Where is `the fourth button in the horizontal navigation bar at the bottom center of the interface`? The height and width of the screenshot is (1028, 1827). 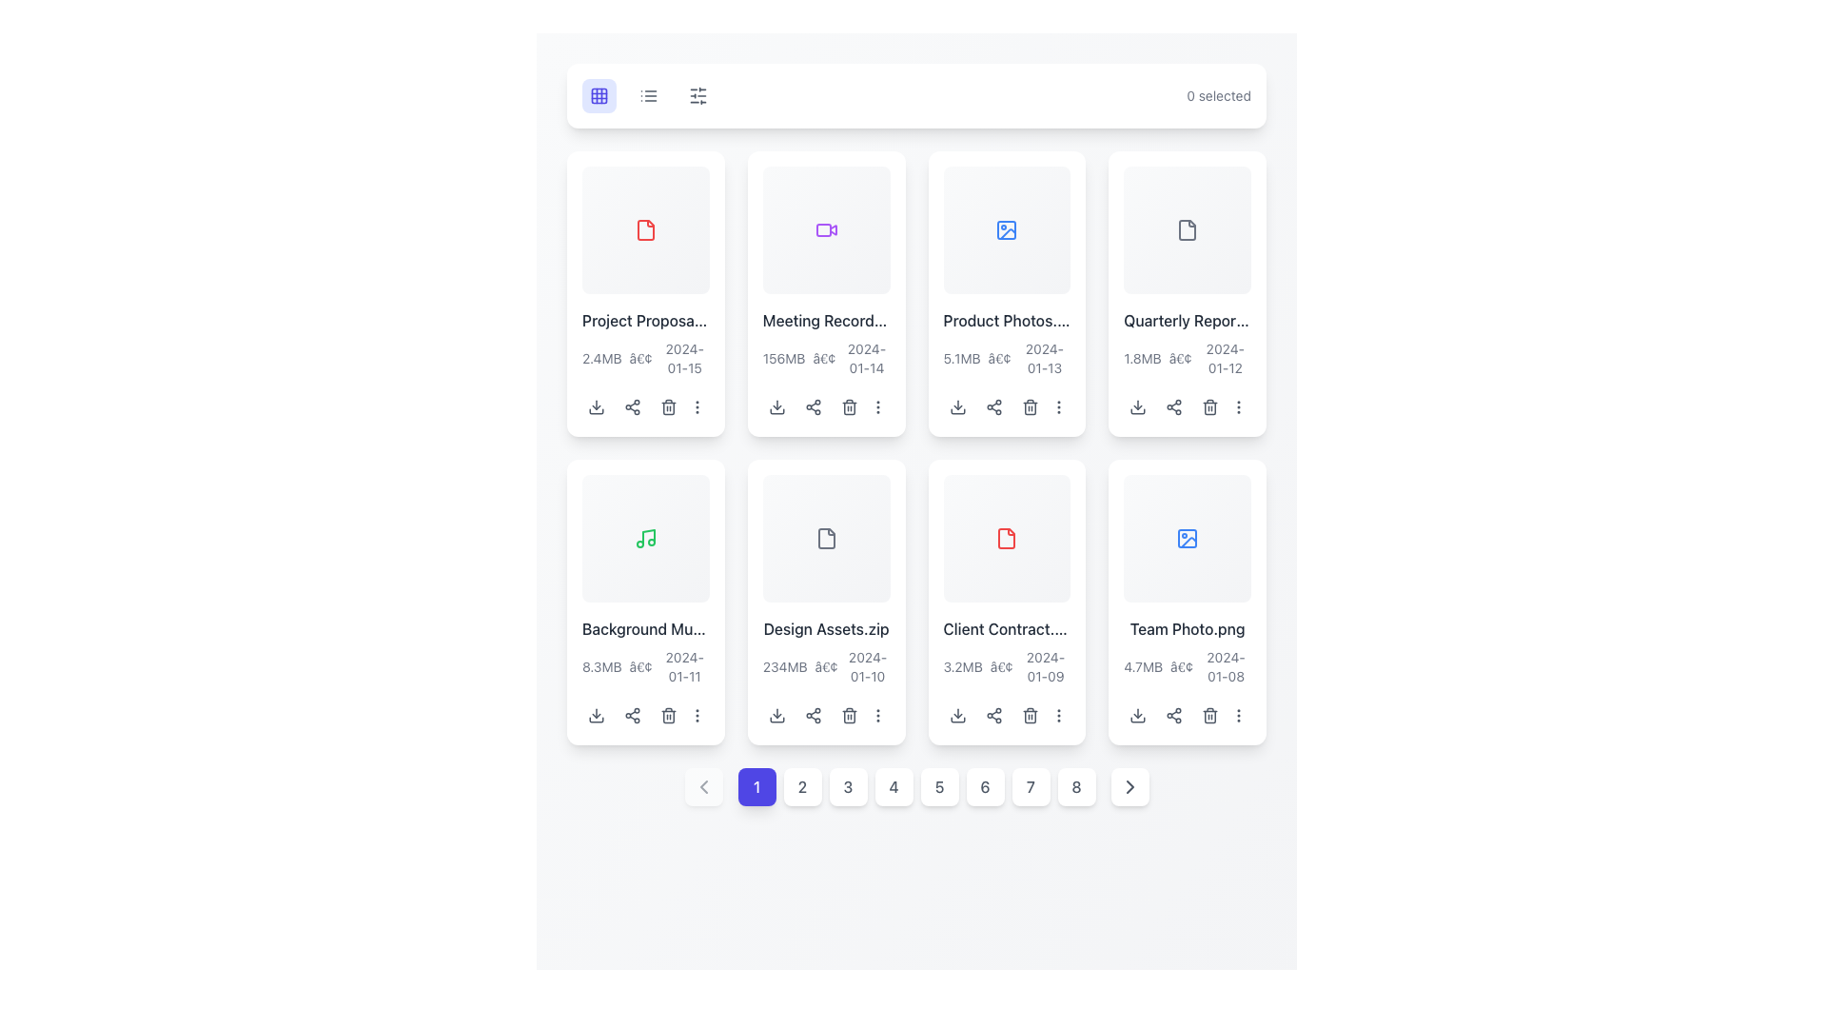 the fourth button in the horizontal navigation bar at the bottom center of the interface is located at coordinates (893, 786).